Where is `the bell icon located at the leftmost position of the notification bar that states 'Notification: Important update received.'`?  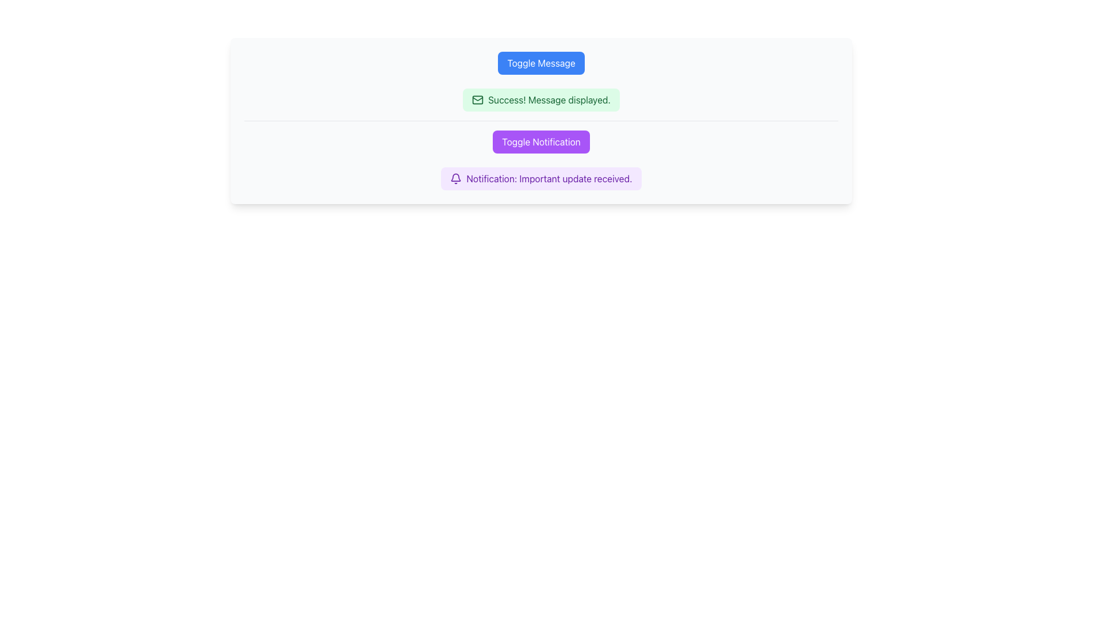 the bell icon located at the leftmost position of the notification bar that states 'Notification: Important update received.' is located at coordinates (455, 179).